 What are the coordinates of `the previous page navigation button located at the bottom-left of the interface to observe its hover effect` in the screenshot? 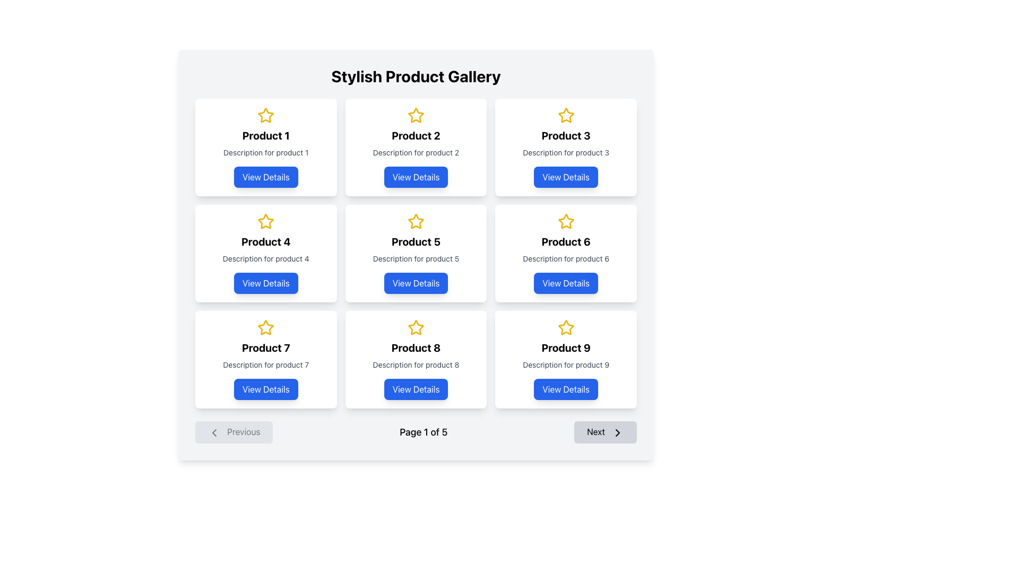 It's located at (234, 432).